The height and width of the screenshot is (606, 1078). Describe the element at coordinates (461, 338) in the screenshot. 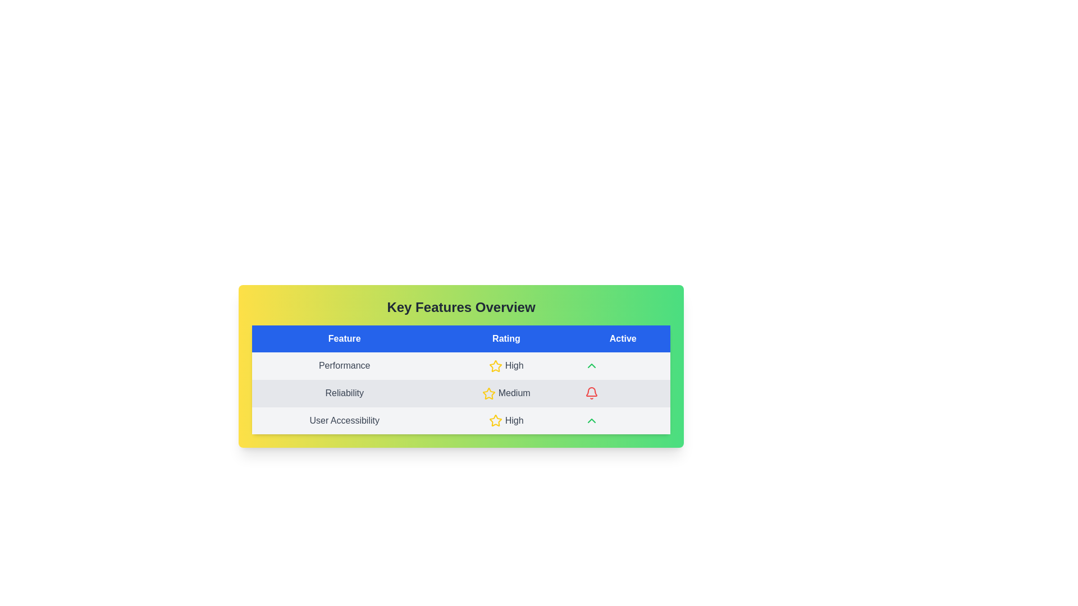

I see `headers of the table located at the top of the 'Key Features Overview' card, which indicates the categories for each column` at that location.